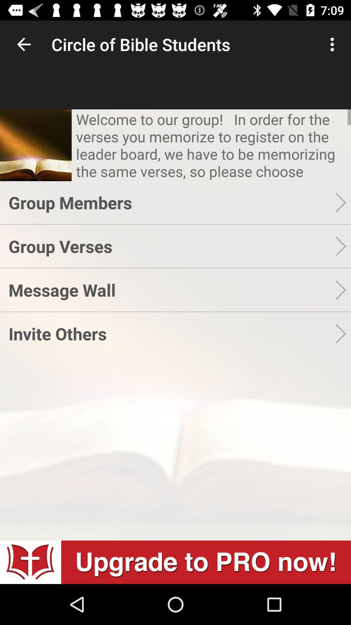 This screenshot has height=625, width=351. What do you see at coordinates (171, 333) in the screenshot?
I see `invite others` at bounding box center [171, 333].